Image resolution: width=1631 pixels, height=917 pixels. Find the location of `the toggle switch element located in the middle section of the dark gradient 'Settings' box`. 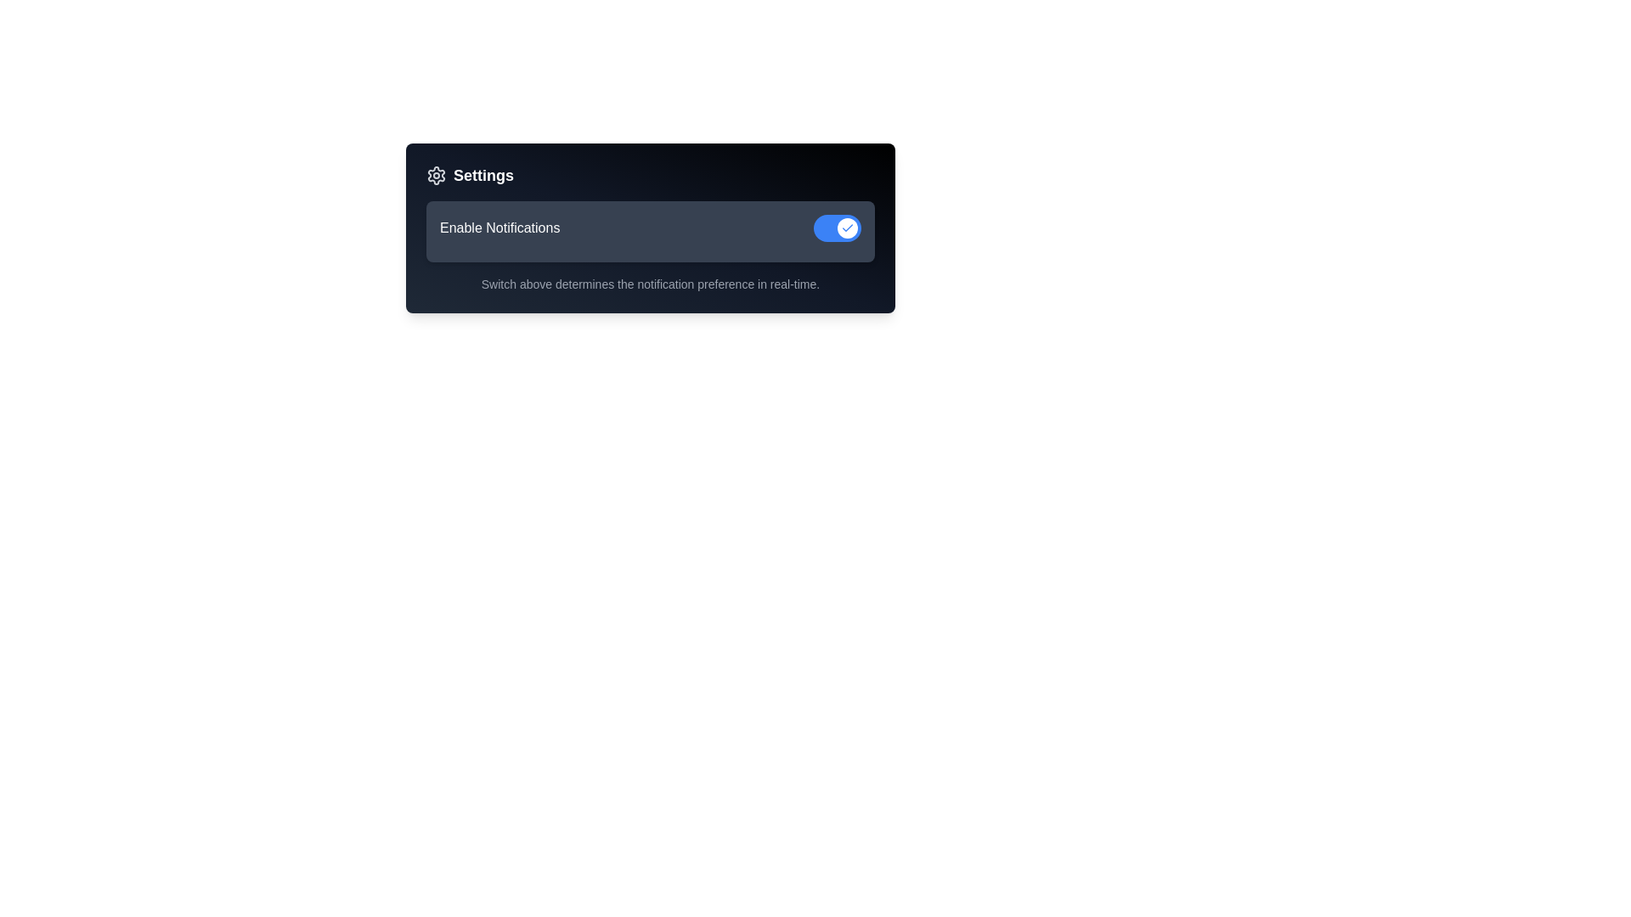

the toggle switch element located in the middle section of the dark gradient 'Settings' box is located at coordinates (650, 232).